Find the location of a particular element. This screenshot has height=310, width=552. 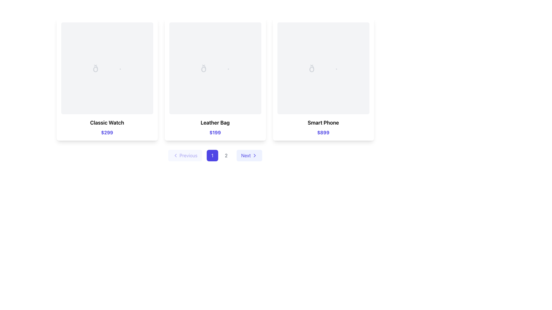

the content of the text element displaying the price '$199' in bold indigo font, located below the 'Leather Bag' label in the second product card from the left is located at coordinates (215, 133).